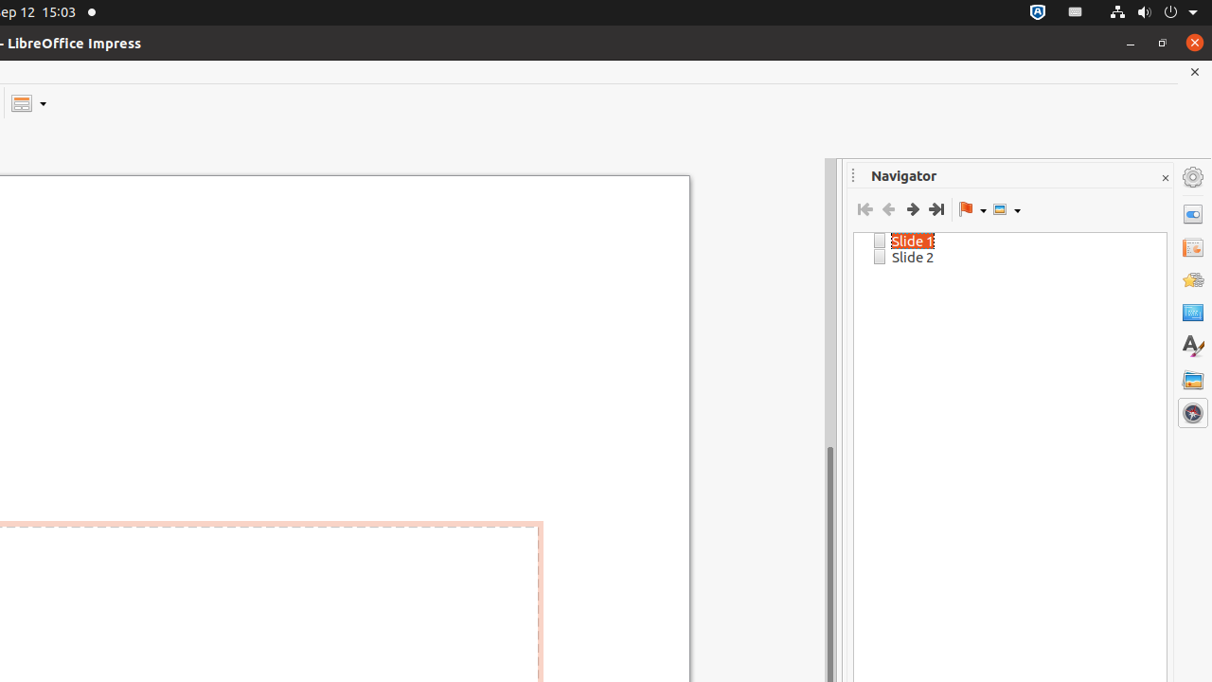  Describe the element at coordinates (887, 209) in the screenshot. I see `'Previous Slide'` at that location.